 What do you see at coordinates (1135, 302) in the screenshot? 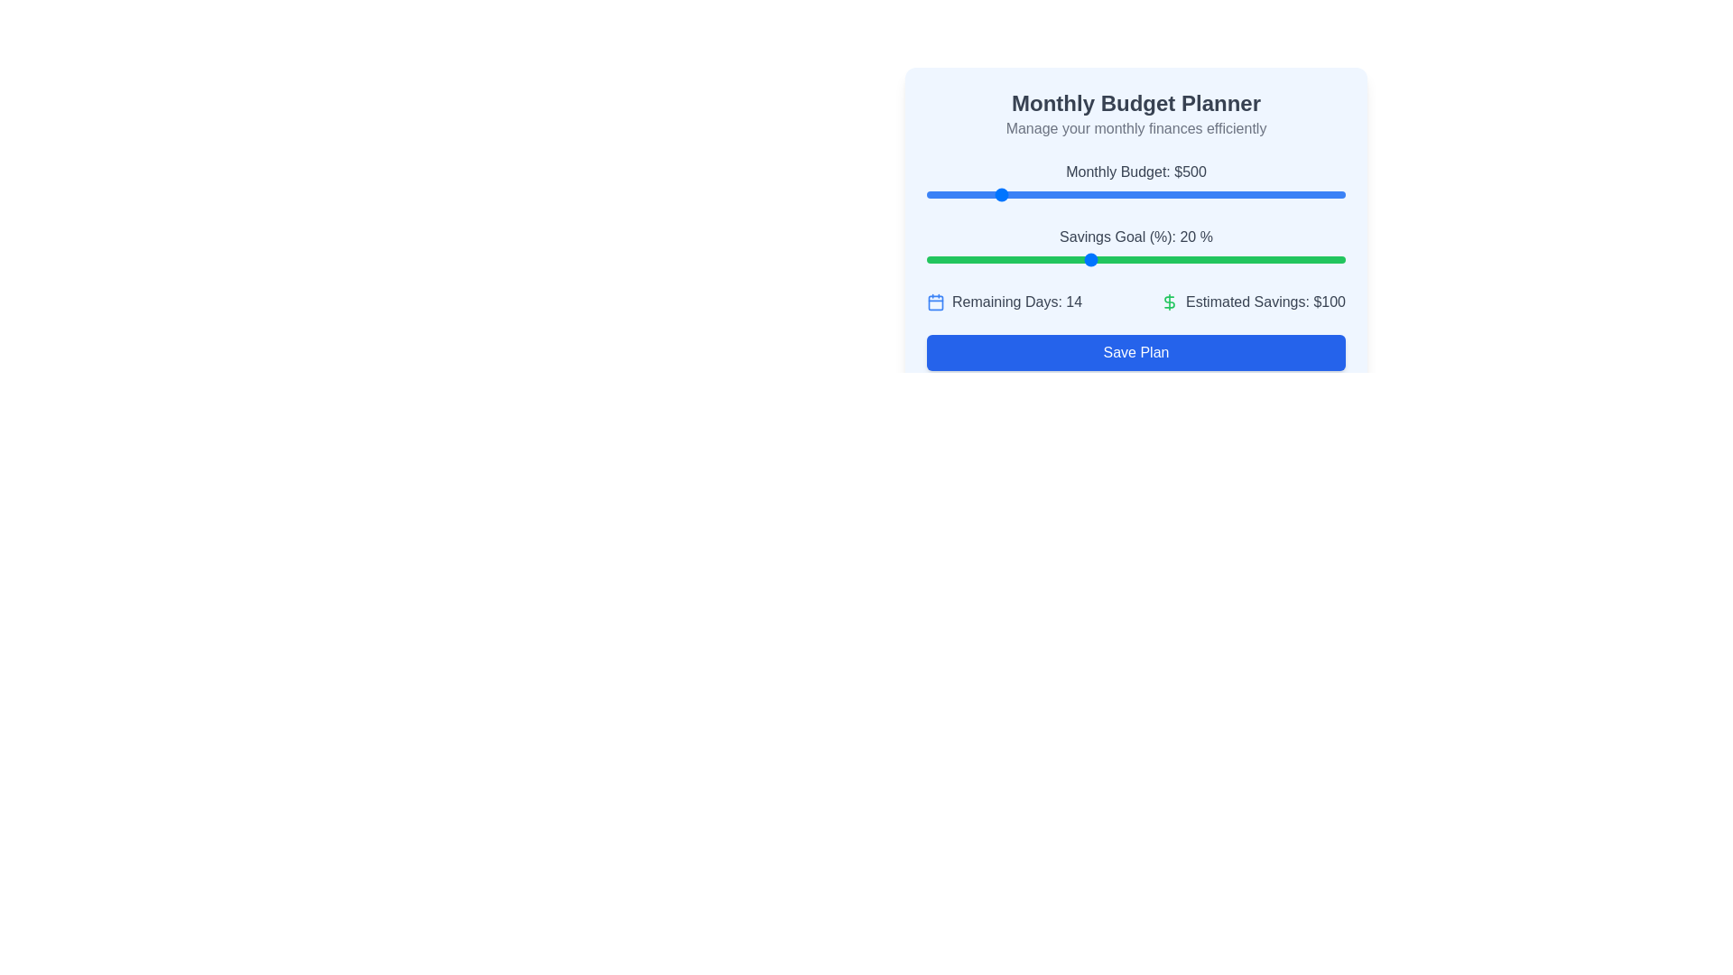
I see `the Key information display element which shows 'Remaining Days: 14' and 'Estimated Savings: $100', located under the 'Savings Goal (%)' slider and above the 'Save Plan' button` at bounding box center [1135, 302].